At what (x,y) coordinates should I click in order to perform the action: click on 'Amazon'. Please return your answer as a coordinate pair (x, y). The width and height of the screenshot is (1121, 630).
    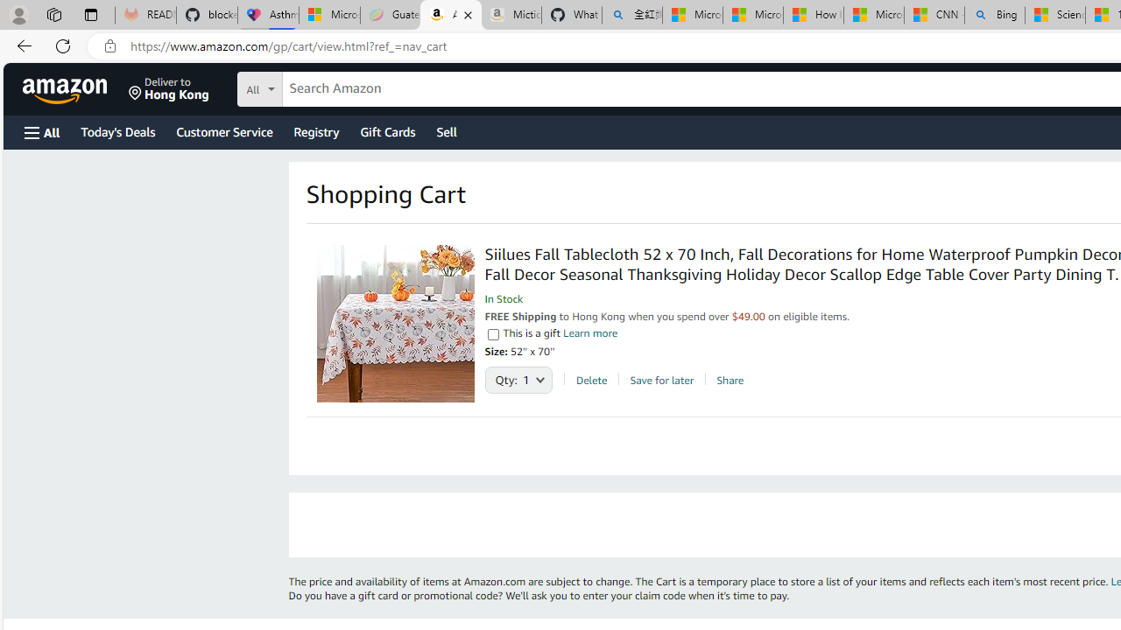
    Looking at the image, I should click on (67, 88).